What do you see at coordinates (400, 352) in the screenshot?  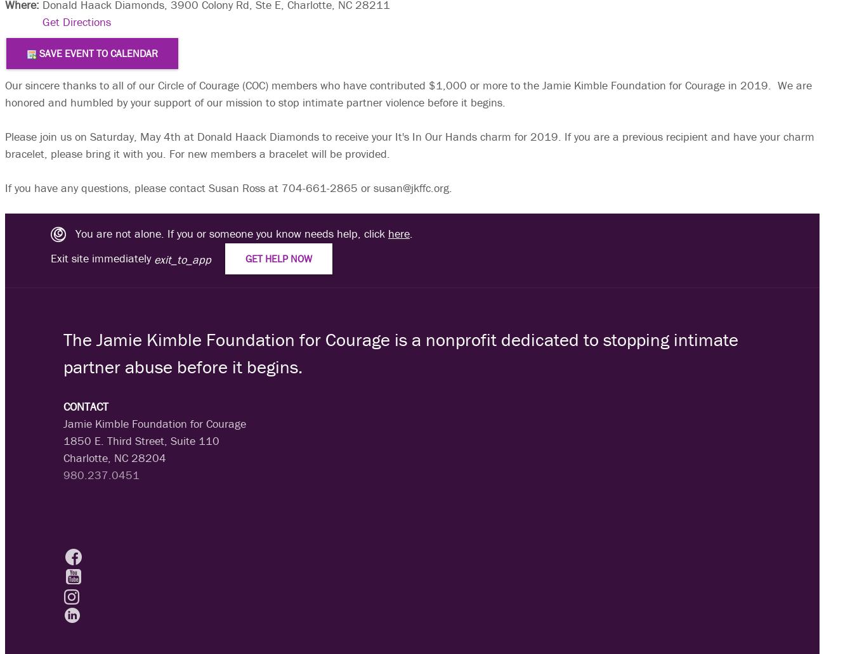 I see `'The Jamie Kimble Foundation for Courage is a nonprofit dedicated to stopping intimate partner abuse before it begins.'` at bounding box center [400, 352].